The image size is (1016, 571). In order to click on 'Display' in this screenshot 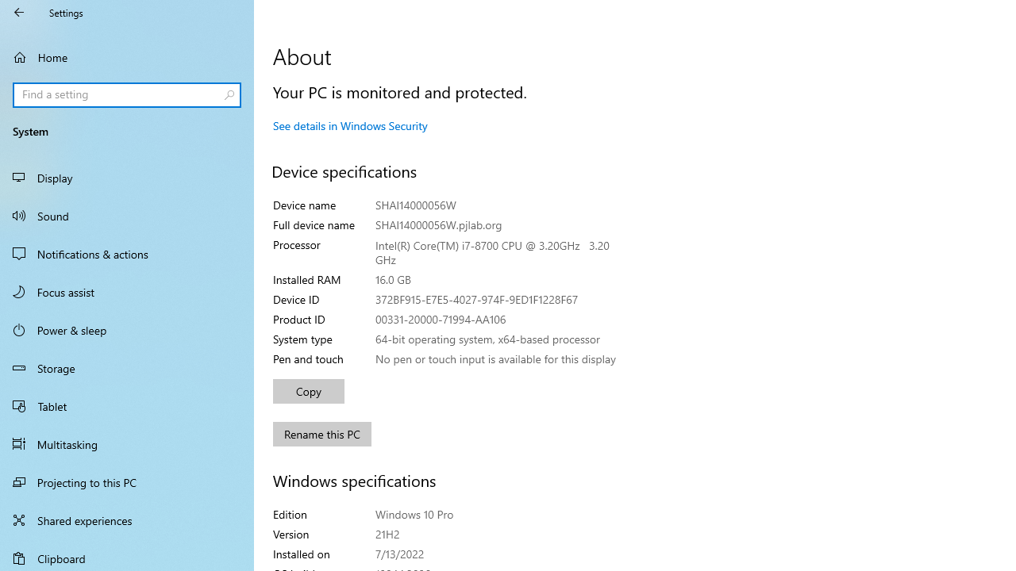, I will do `click(127, 177)`.